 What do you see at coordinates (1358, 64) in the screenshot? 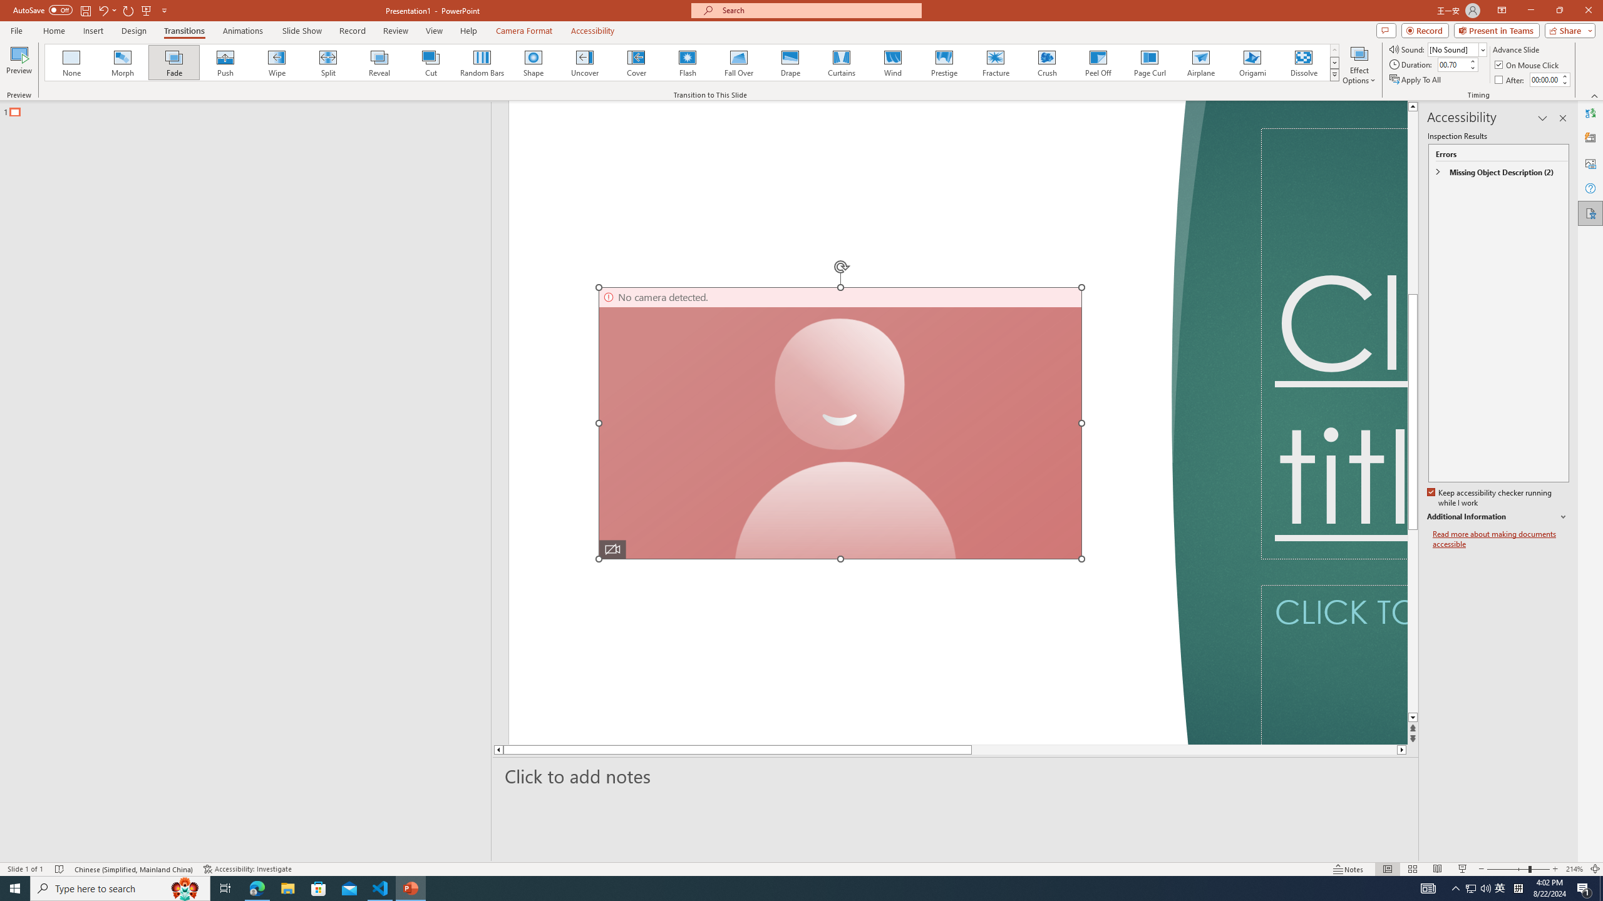
I see `'Effect Options'` at bounding box center [1358, 64].